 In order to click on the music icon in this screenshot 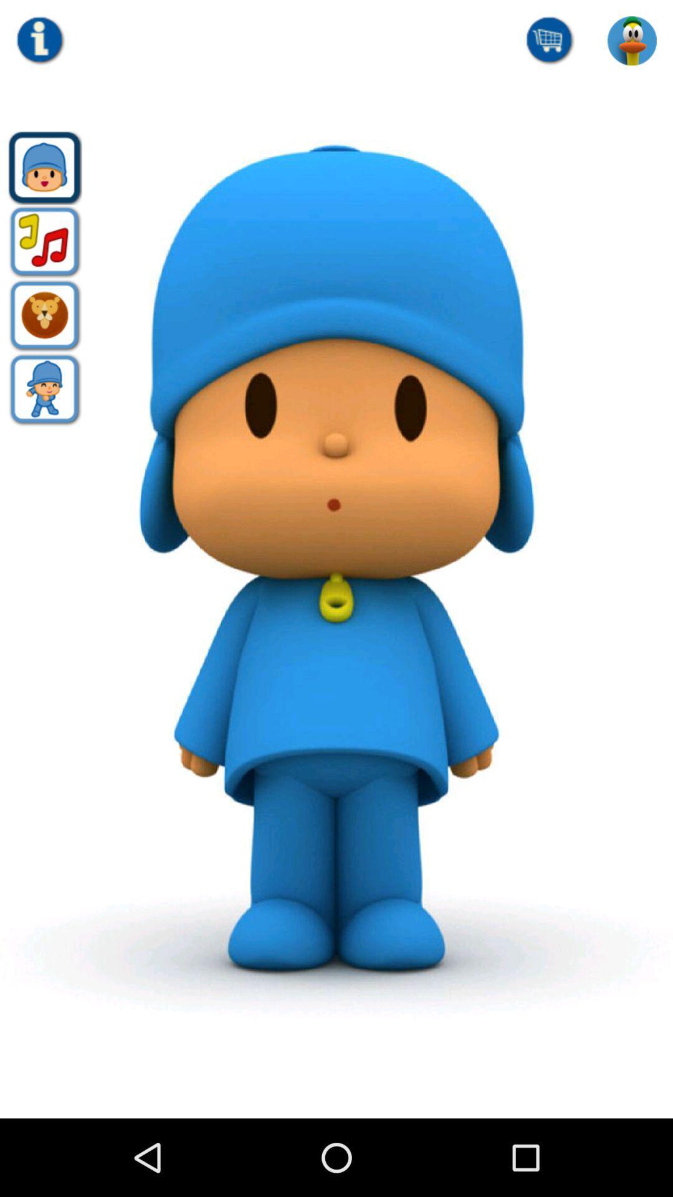, I will do `click(44, 258)`.